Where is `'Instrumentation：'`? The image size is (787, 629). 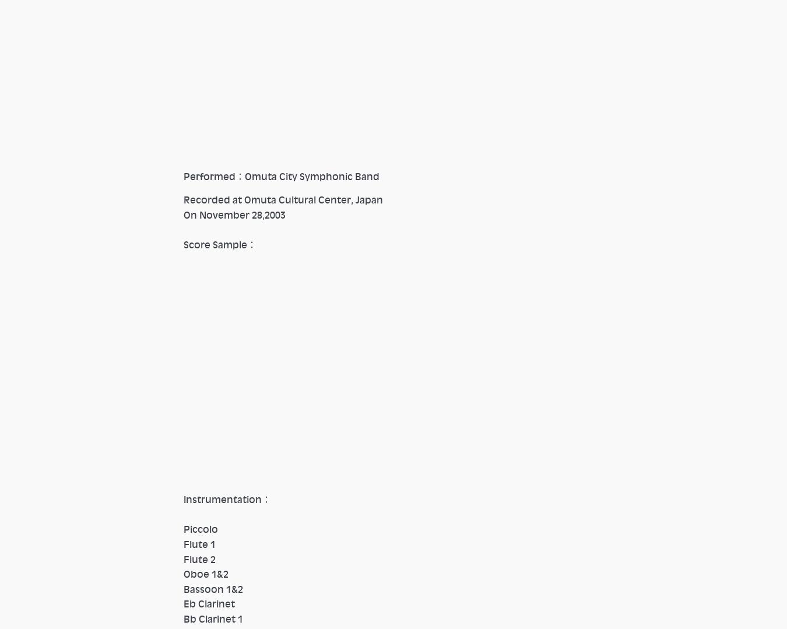 'Instrumentation：' is located at coordinates (182, 500).